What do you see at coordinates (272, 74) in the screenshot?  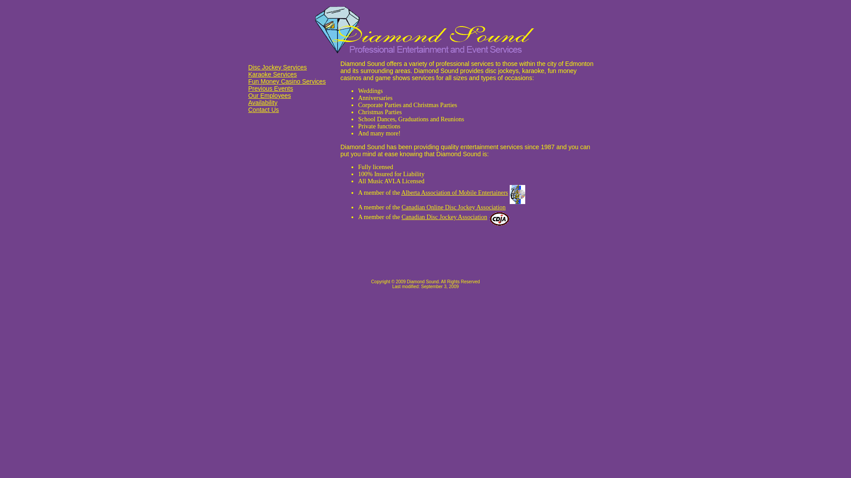 I see `'Karaoke Services'` at bounding box center [272, 74].